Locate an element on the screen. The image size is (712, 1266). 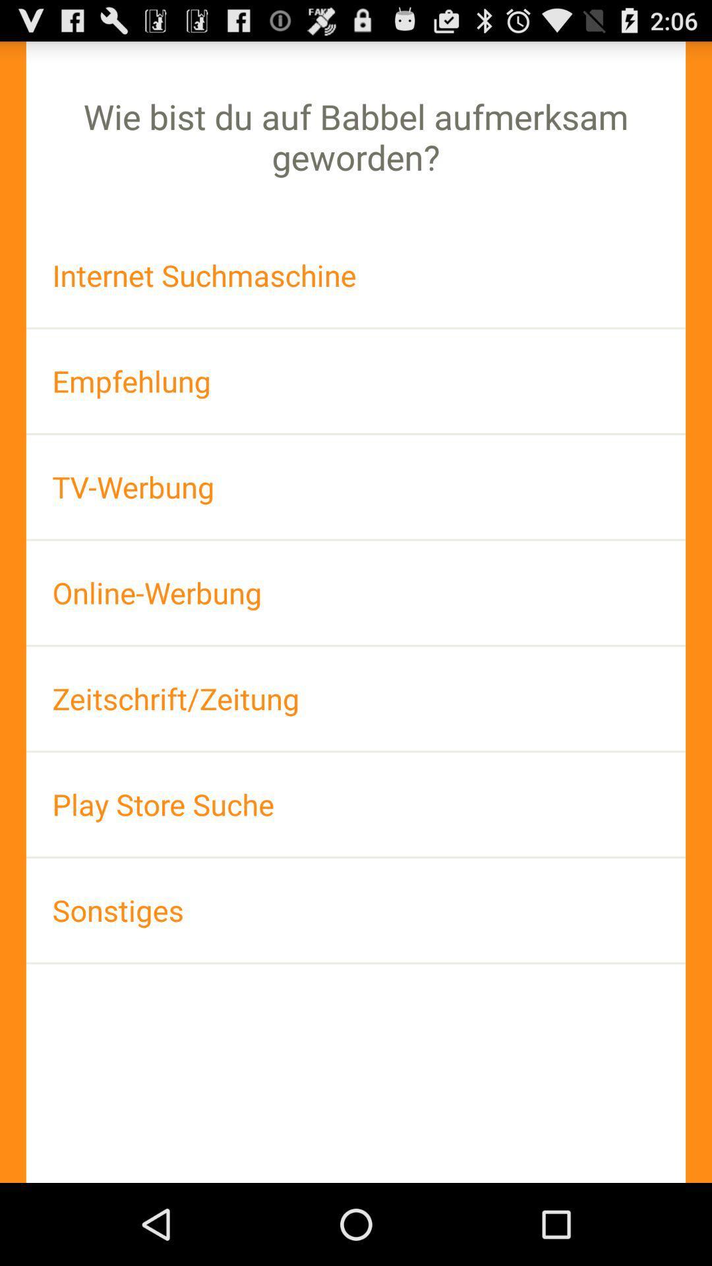
item at the bottom is located at coordinates (356, 909).